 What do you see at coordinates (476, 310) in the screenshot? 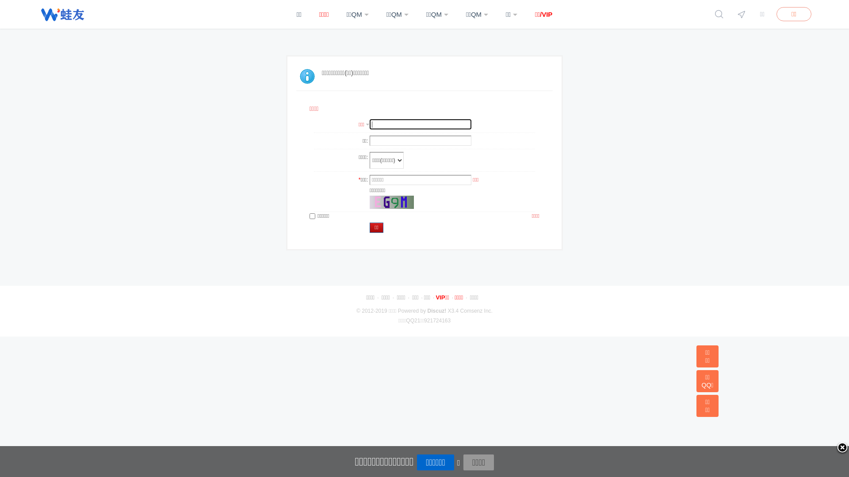
I see `'Comsenz Inc.'` at bounding box center [476, 310].